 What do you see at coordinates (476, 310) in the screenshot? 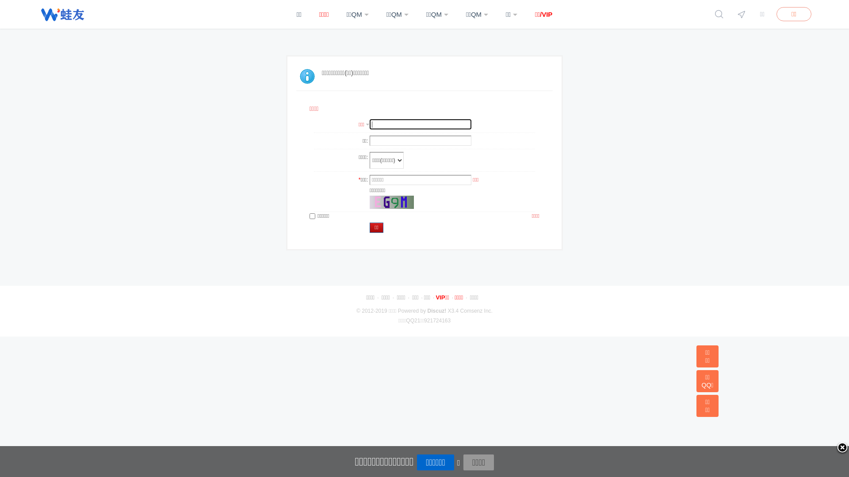
I see `'Comsenz Inc.'` at bounding box center [476, 310].